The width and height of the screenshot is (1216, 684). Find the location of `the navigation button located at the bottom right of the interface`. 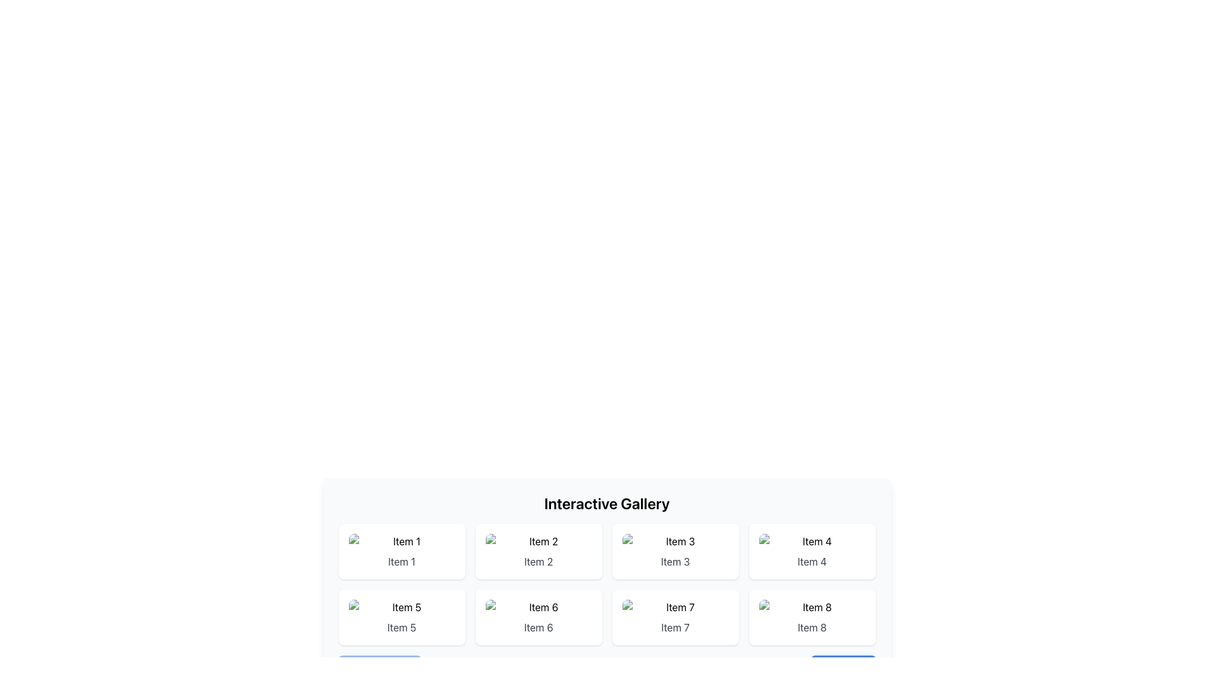

the navigation button located at the bottom right of the interface is located at coordinates (843, 668).